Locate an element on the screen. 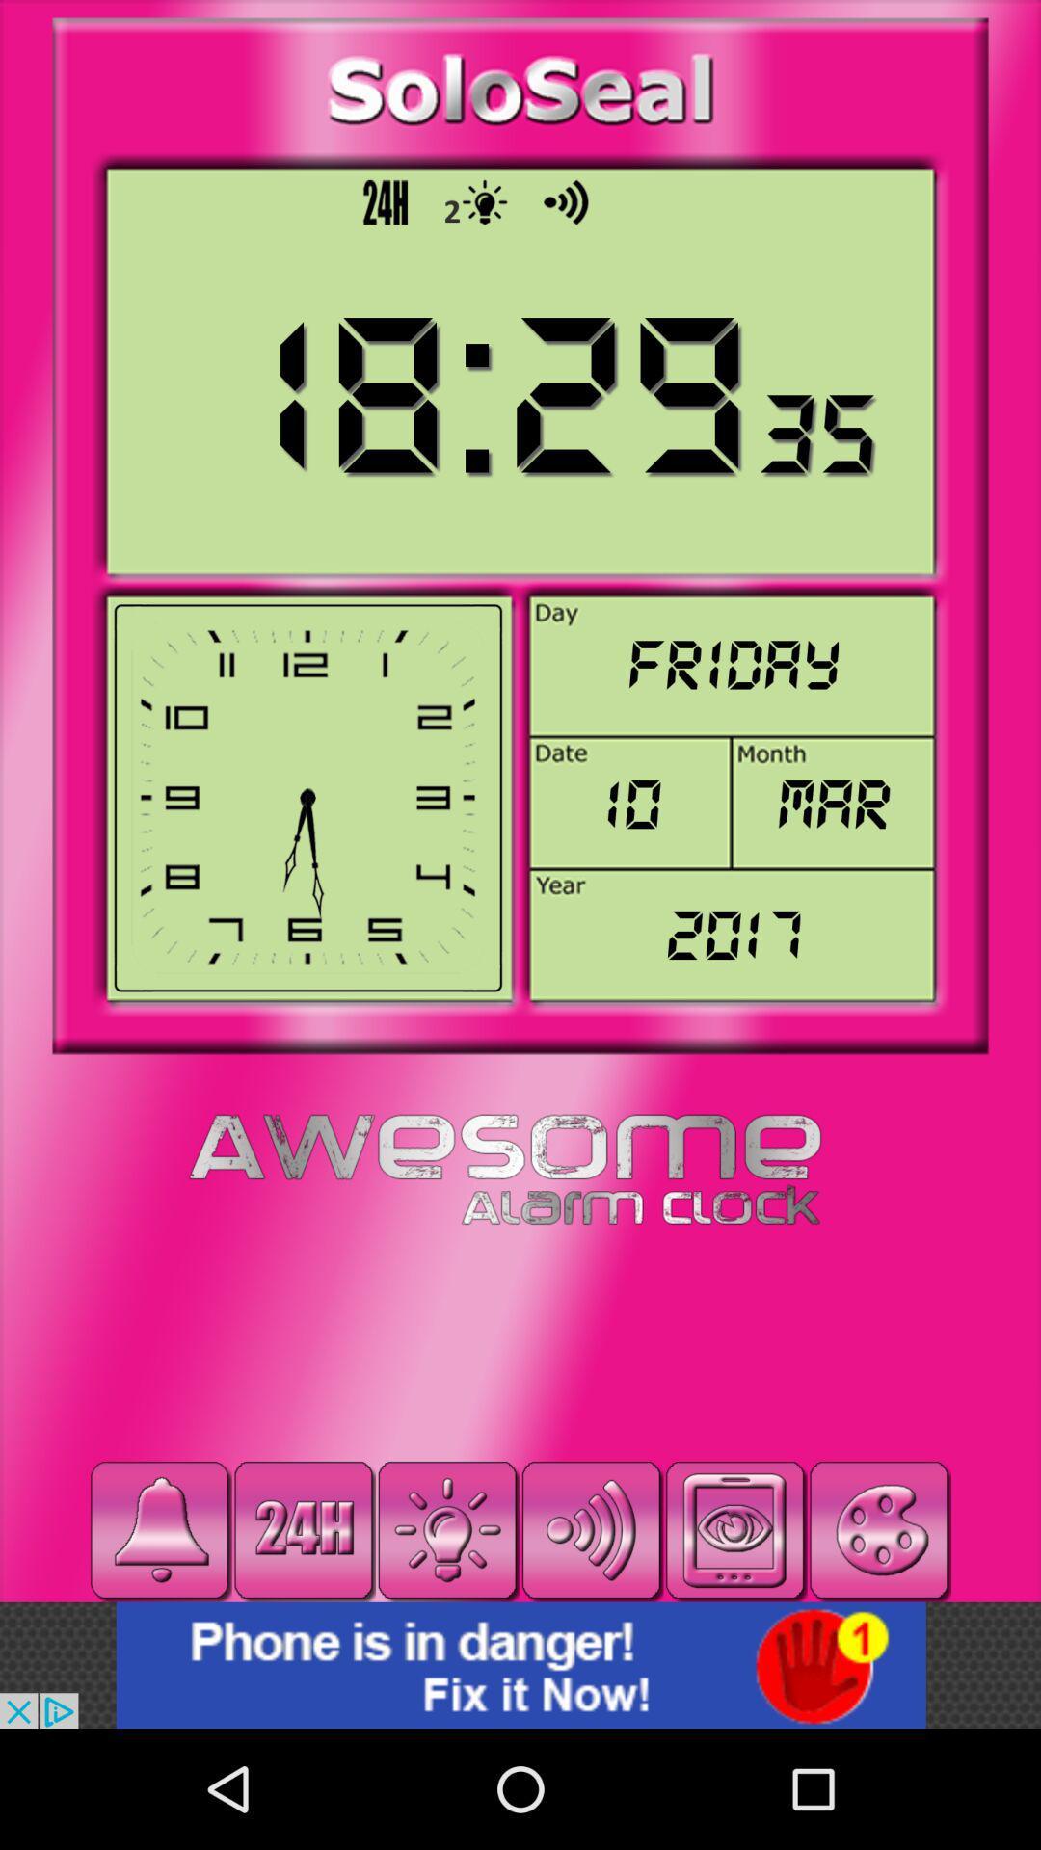 The width and height of the screenshot is (1041, 1850). settings is located at coordinates (447, 1529).